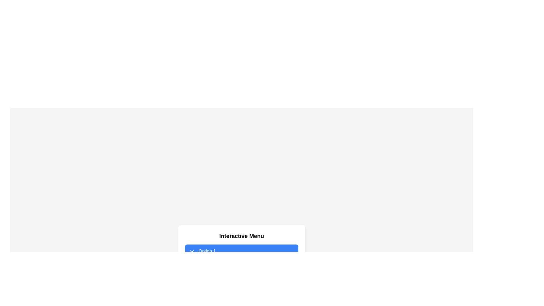  What do you see at coordinates (242, 251) in the screenshot?
I see `the first selectable option in the menu` at bounding box center [242, 251].